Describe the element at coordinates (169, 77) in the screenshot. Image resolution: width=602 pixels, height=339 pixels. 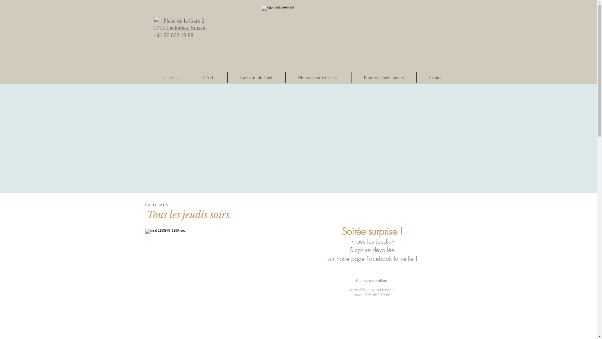
I see `'Accueil'` at that location.